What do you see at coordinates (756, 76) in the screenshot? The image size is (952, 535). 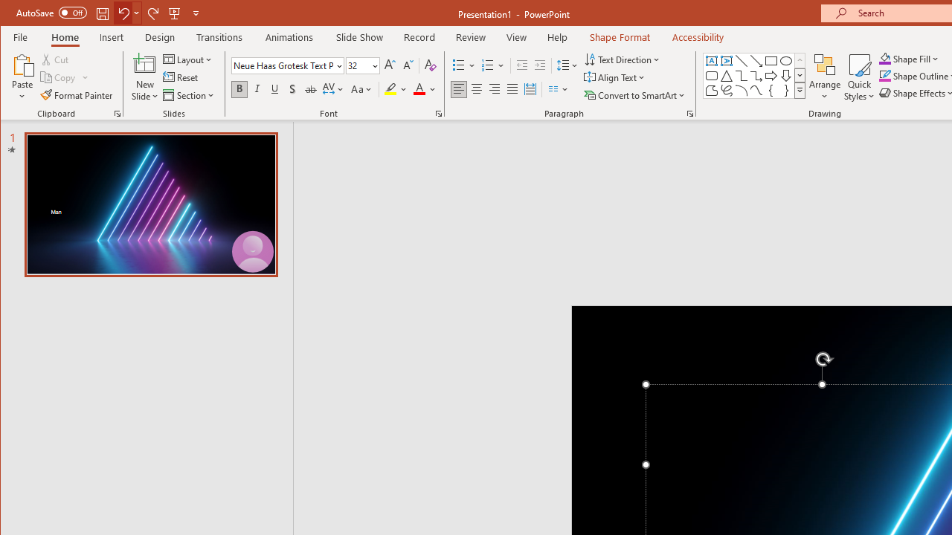 I see `'Connector: Elbow Arrow'` at bounding box center [756, 76].